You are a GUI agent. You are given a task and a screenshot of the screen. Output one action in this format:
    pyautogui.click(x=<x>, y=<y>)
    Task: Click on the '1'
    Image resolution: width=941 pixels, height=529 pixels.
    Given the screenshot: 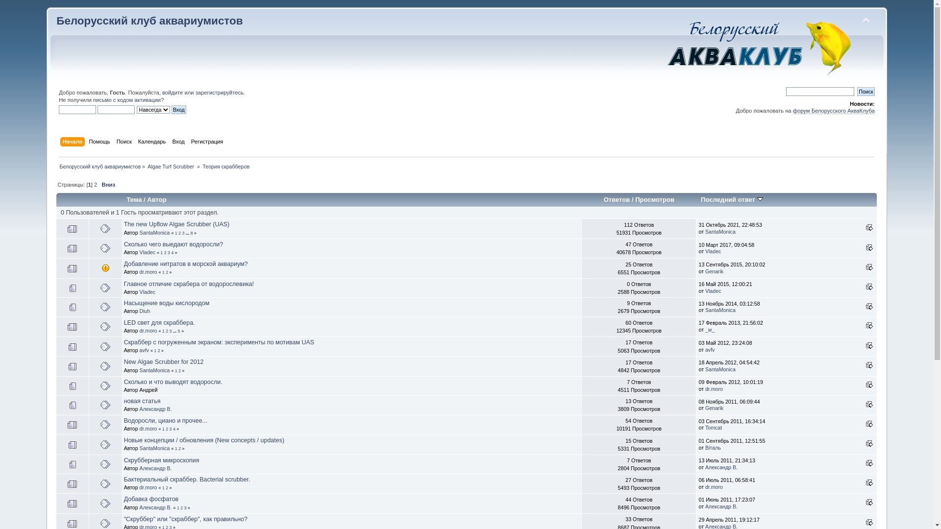 What is the action you would take?
    pyautogui.click(x=163, y=272)
    